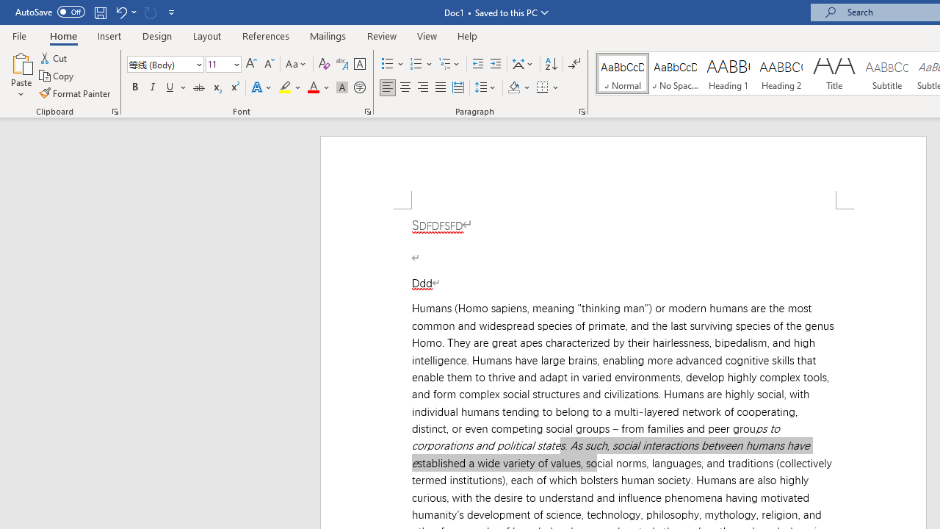 This screenshot has height=529, width=940. I want to click on 'Justify', so click(439, 87).